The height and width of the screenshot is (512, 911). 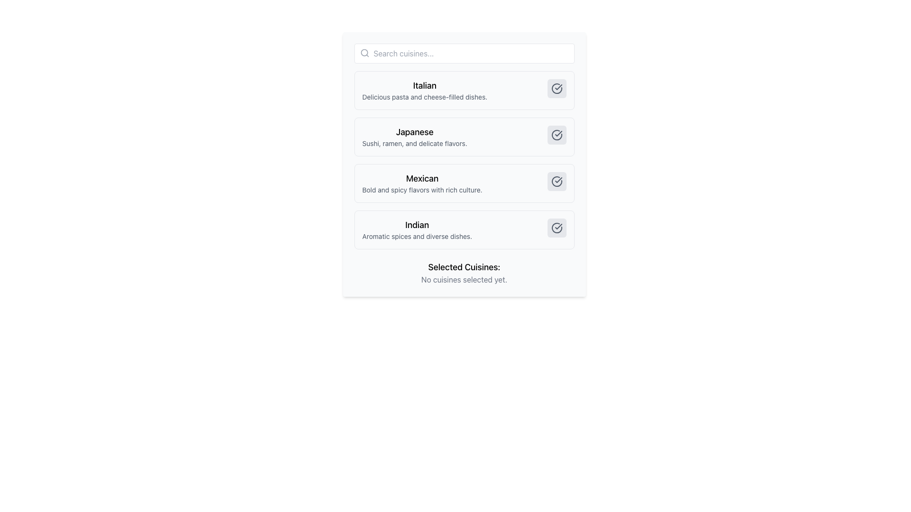 I want to click on the Static Text element that describes Japanese cuisine, which is located directly below the 'Japanese' heading, so click(x=415, y=144).